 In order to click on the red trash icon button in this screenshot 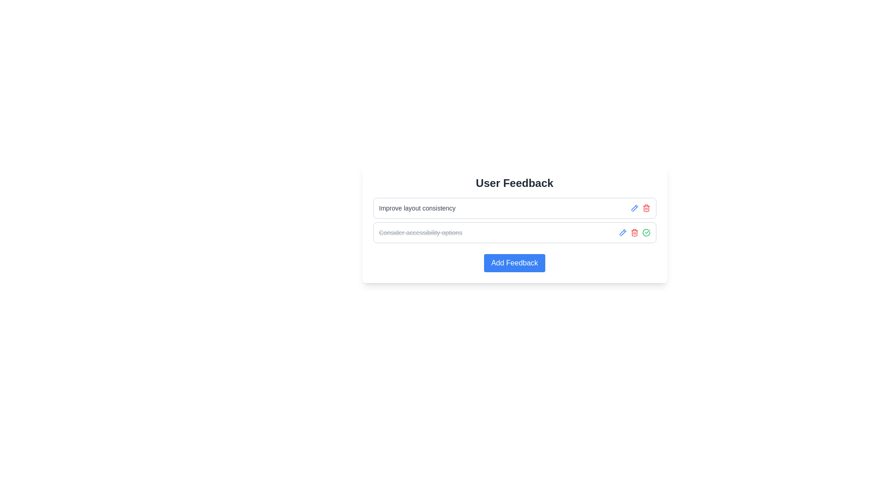, I will do `click(646, 208)`.